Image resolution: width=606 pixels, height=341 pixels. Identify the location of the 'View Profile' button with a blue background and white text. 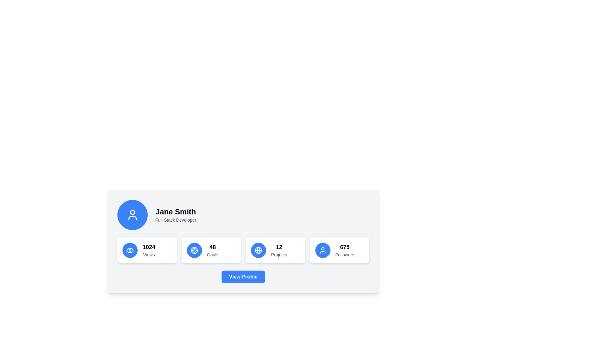
(243, 276).